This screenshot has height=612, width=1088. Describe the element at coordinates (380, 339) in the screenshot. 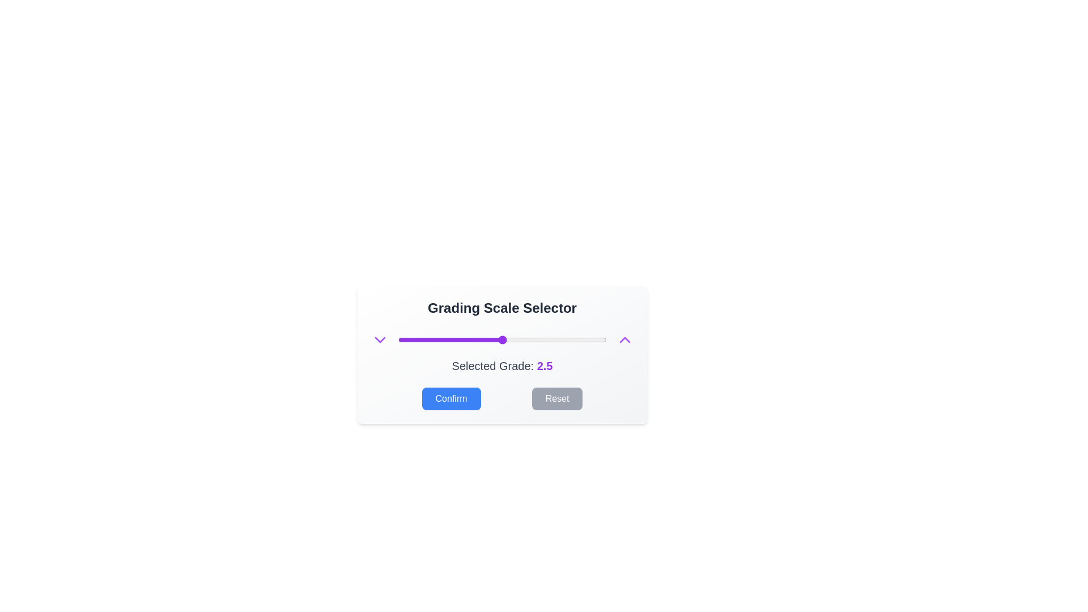

I see `the ChevronDown icon to expand the grading scale options` at that location.